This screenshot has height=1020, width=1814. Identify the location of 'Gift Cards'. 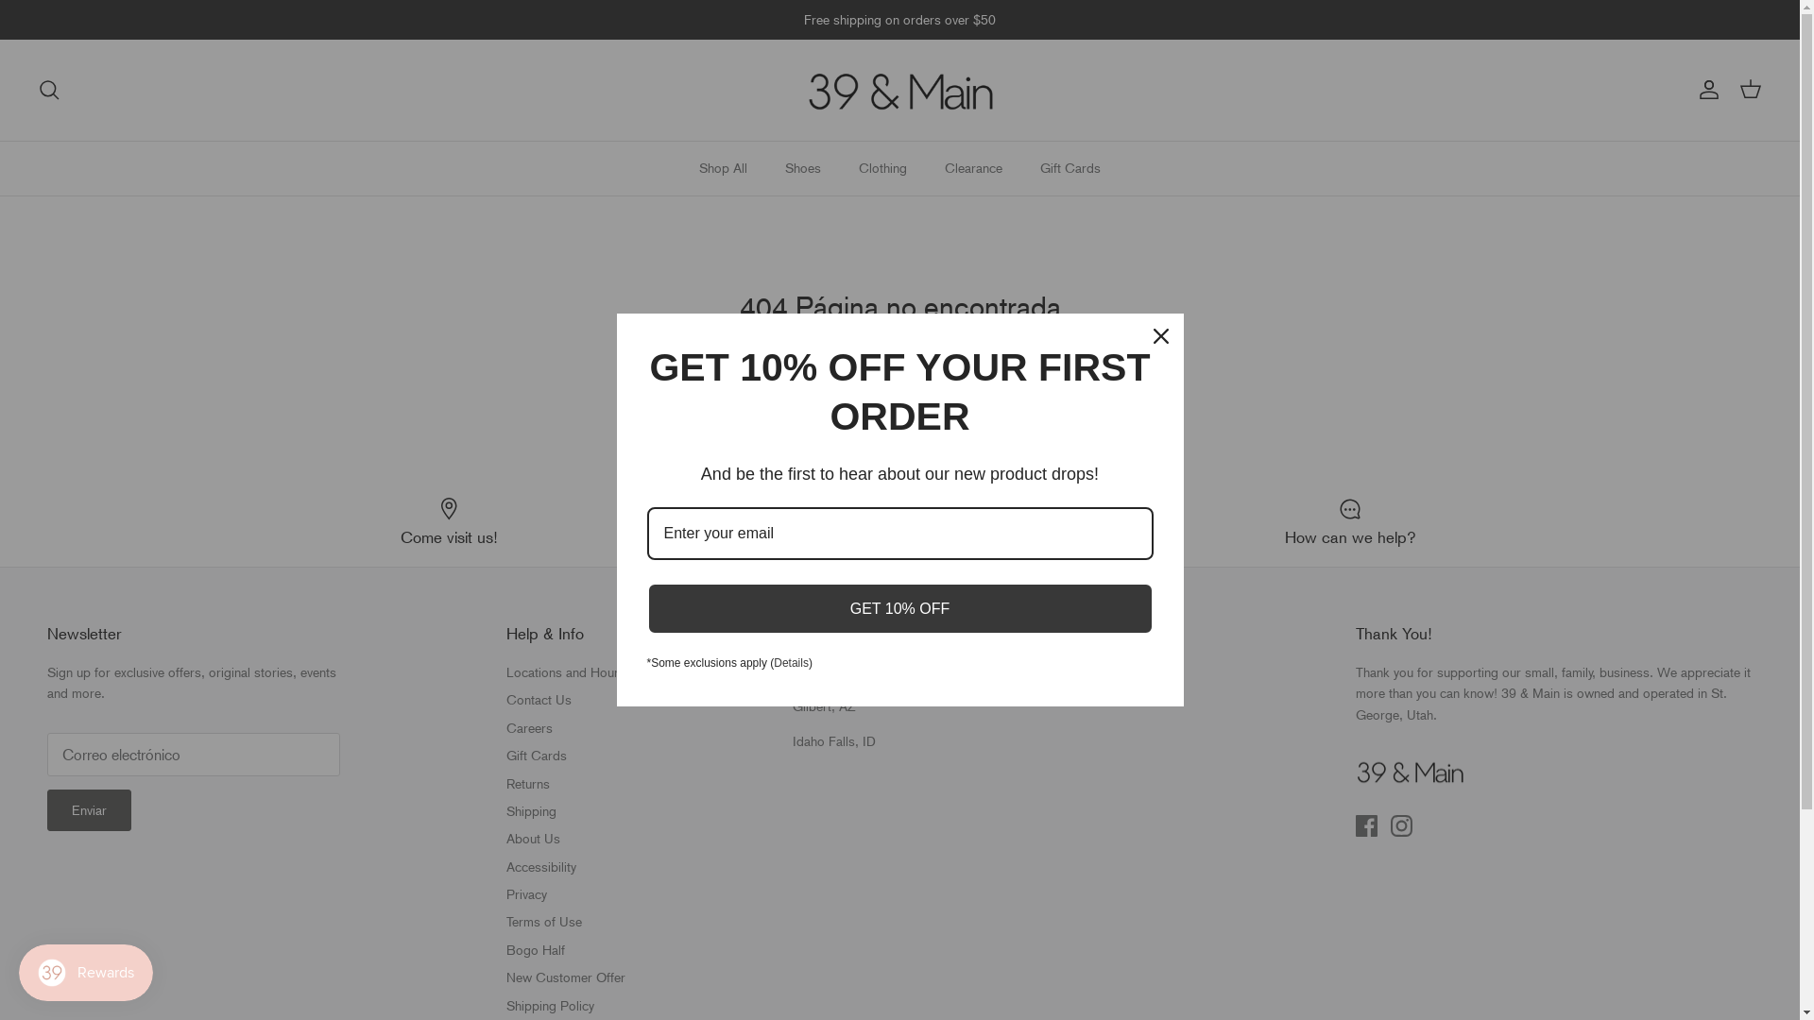
(1022, 167).